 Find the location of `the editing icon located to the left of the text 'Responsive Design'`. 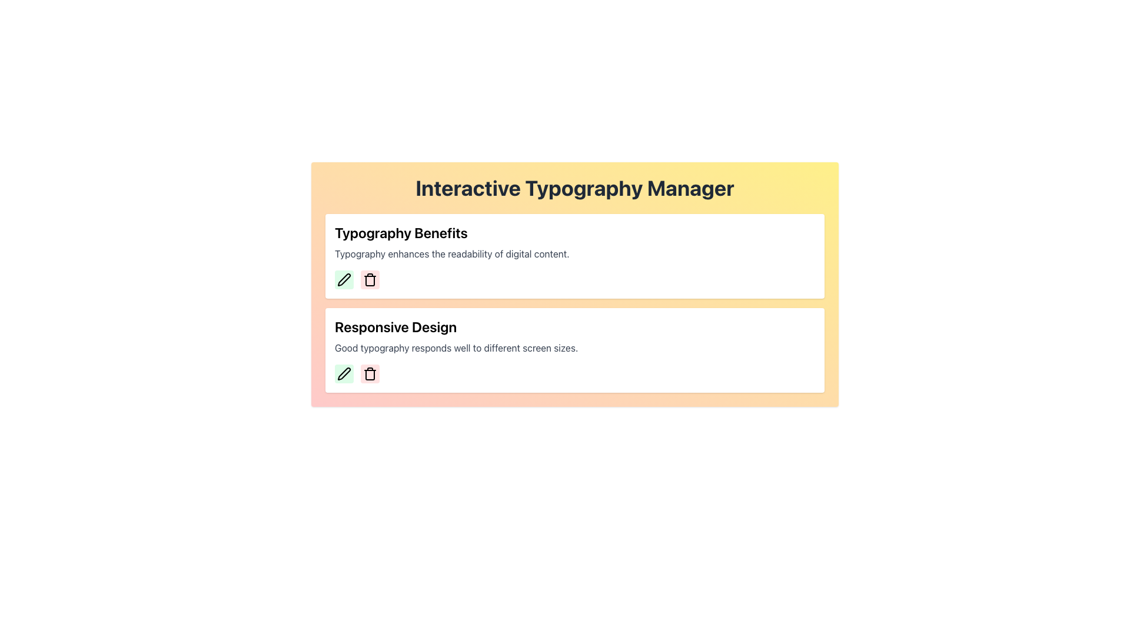

the editing icon located to the left of the text 'Responsive Design' is located at coordinates (344, 279).